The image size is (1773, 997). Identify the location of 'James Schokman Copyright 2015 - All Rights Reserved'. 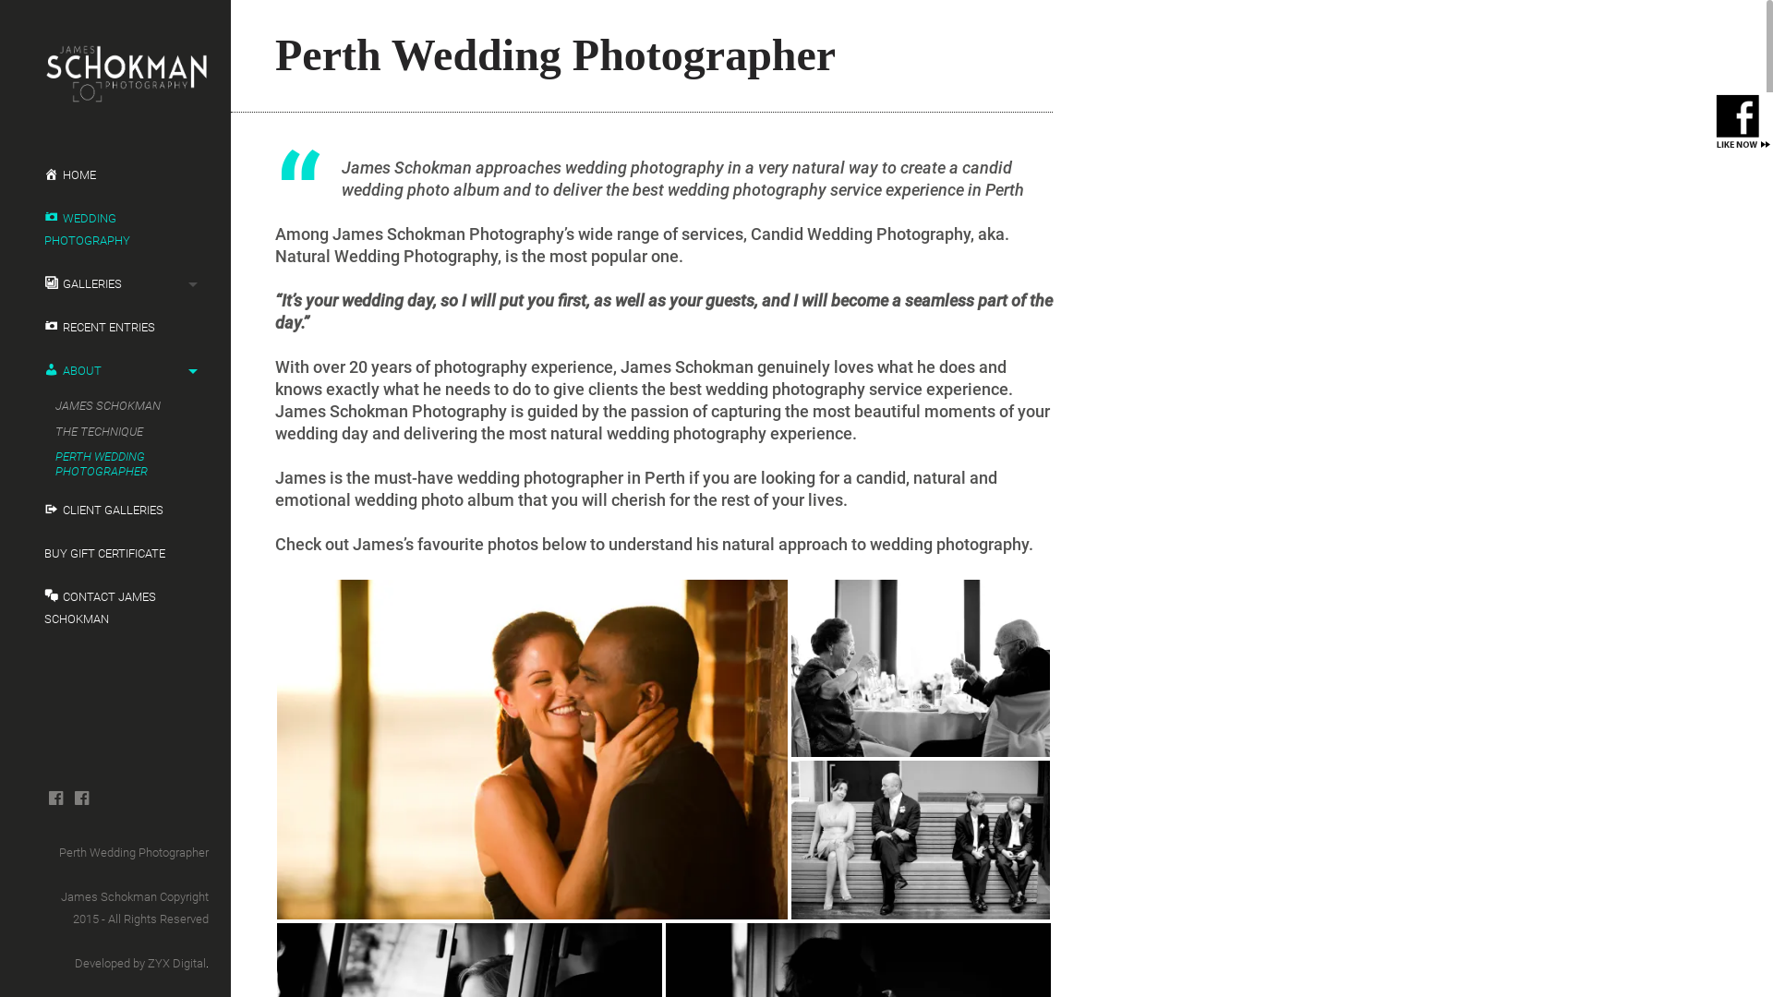
(61, 907).